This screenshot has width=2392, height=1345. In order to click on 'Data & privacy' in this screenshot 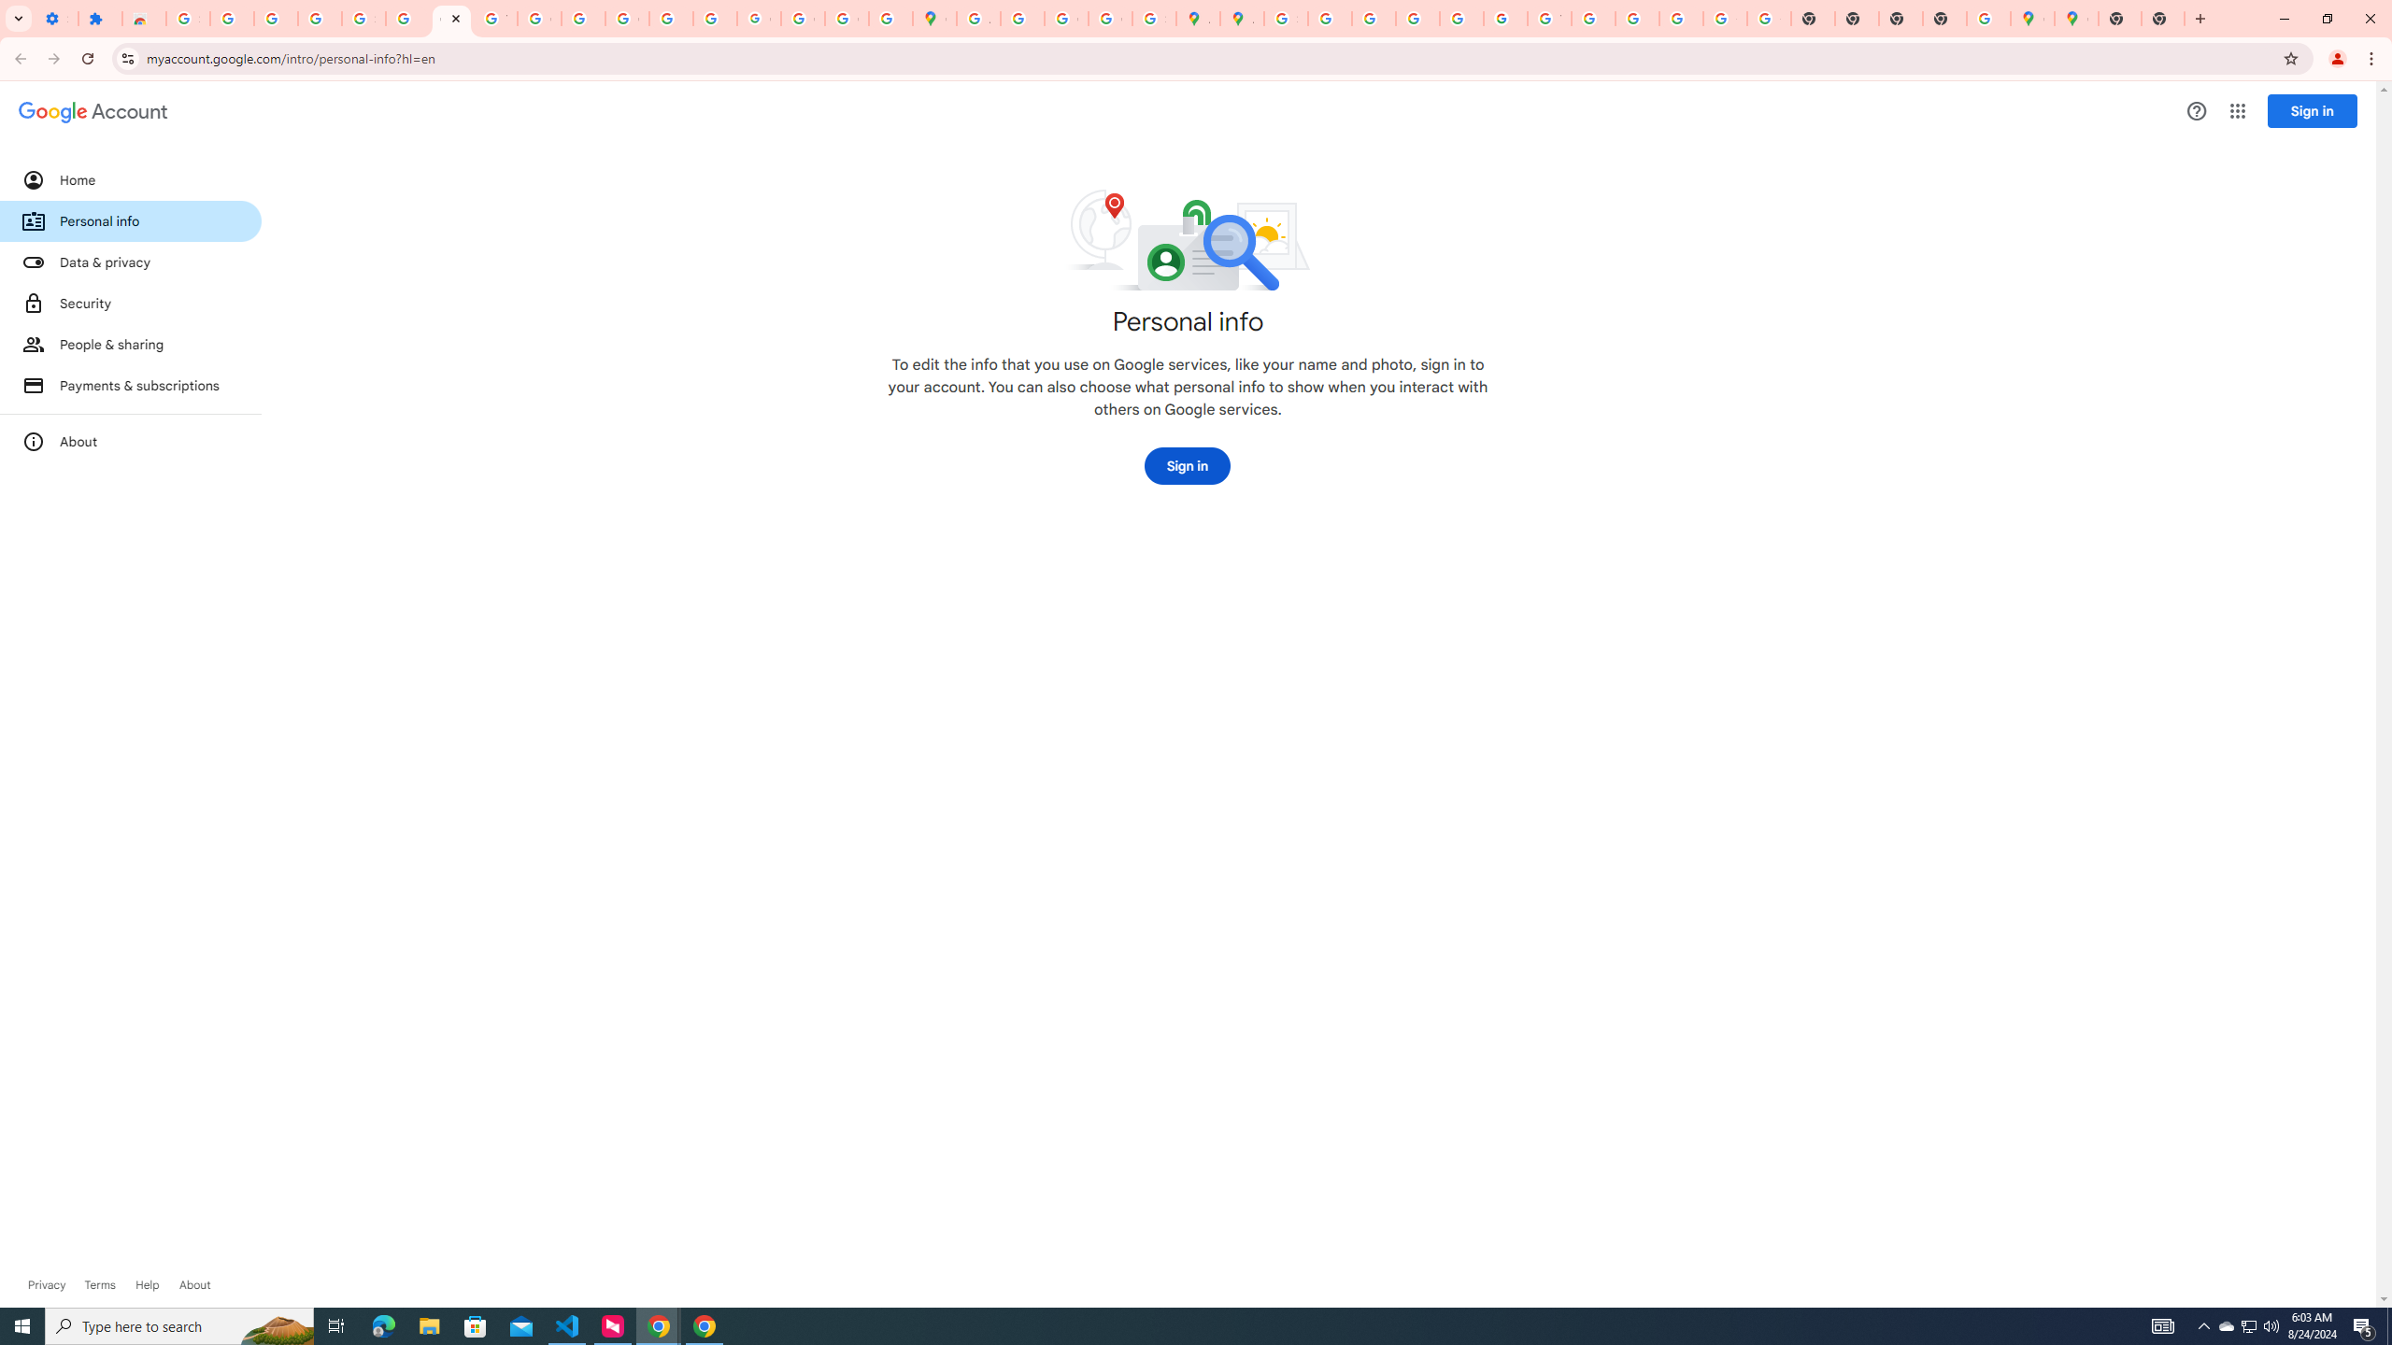, I will do `click(129, 261)`.